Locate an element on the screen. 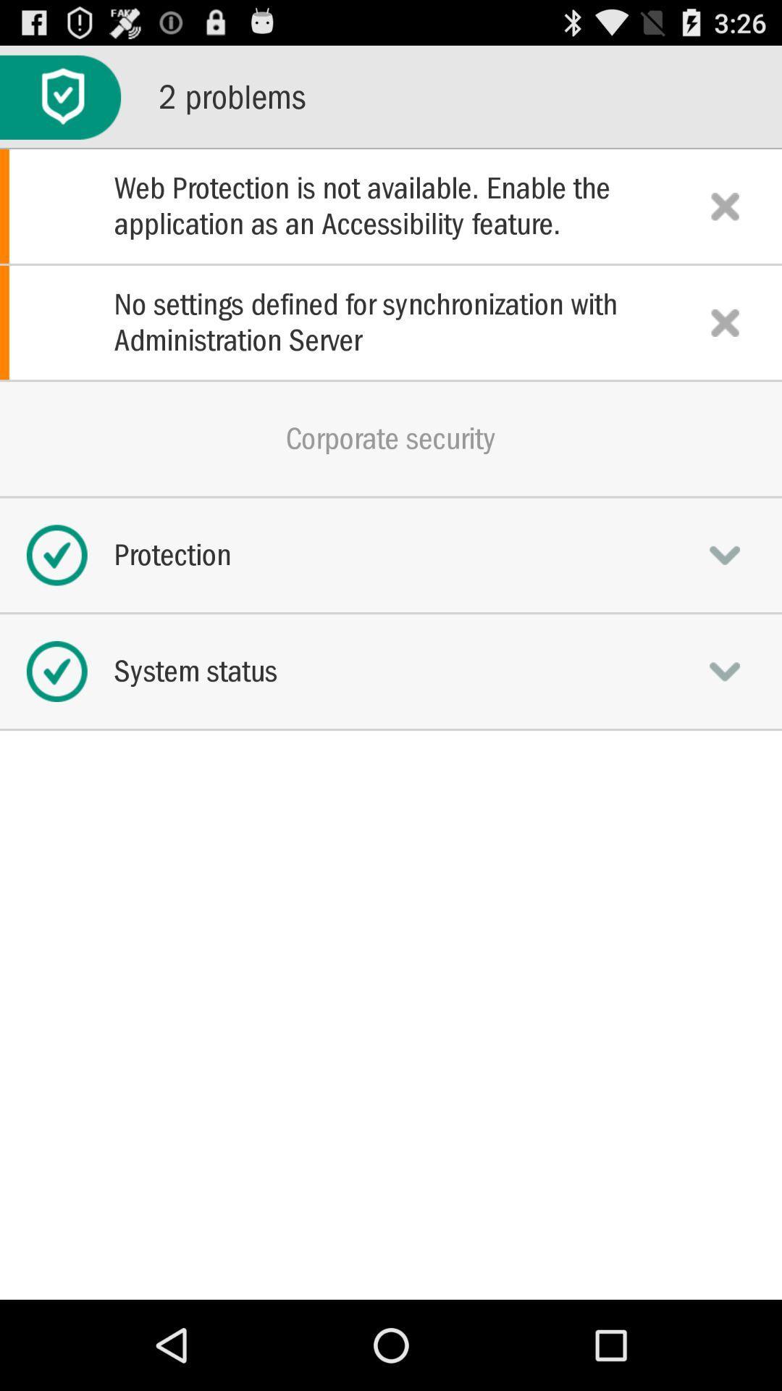 The image size is (782, 1391). the icon at the top left corner is located at coordinates (59, 96).